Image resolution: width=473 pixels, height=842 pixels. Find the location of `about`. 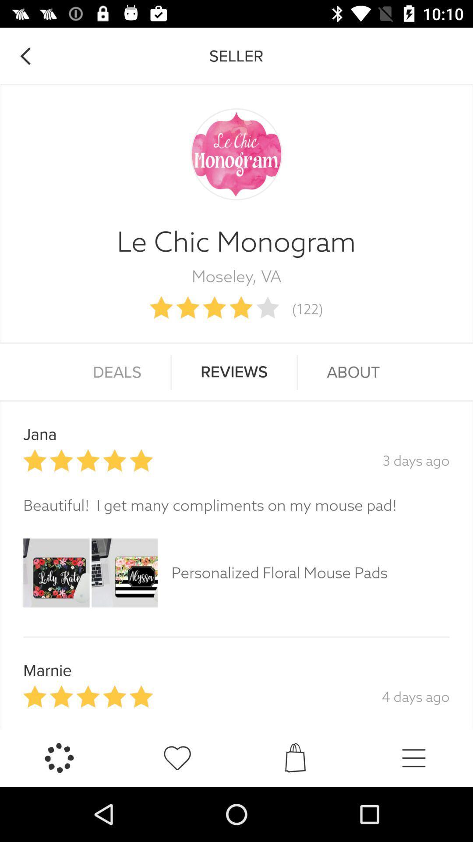

about is located at coordinates (353, 372).